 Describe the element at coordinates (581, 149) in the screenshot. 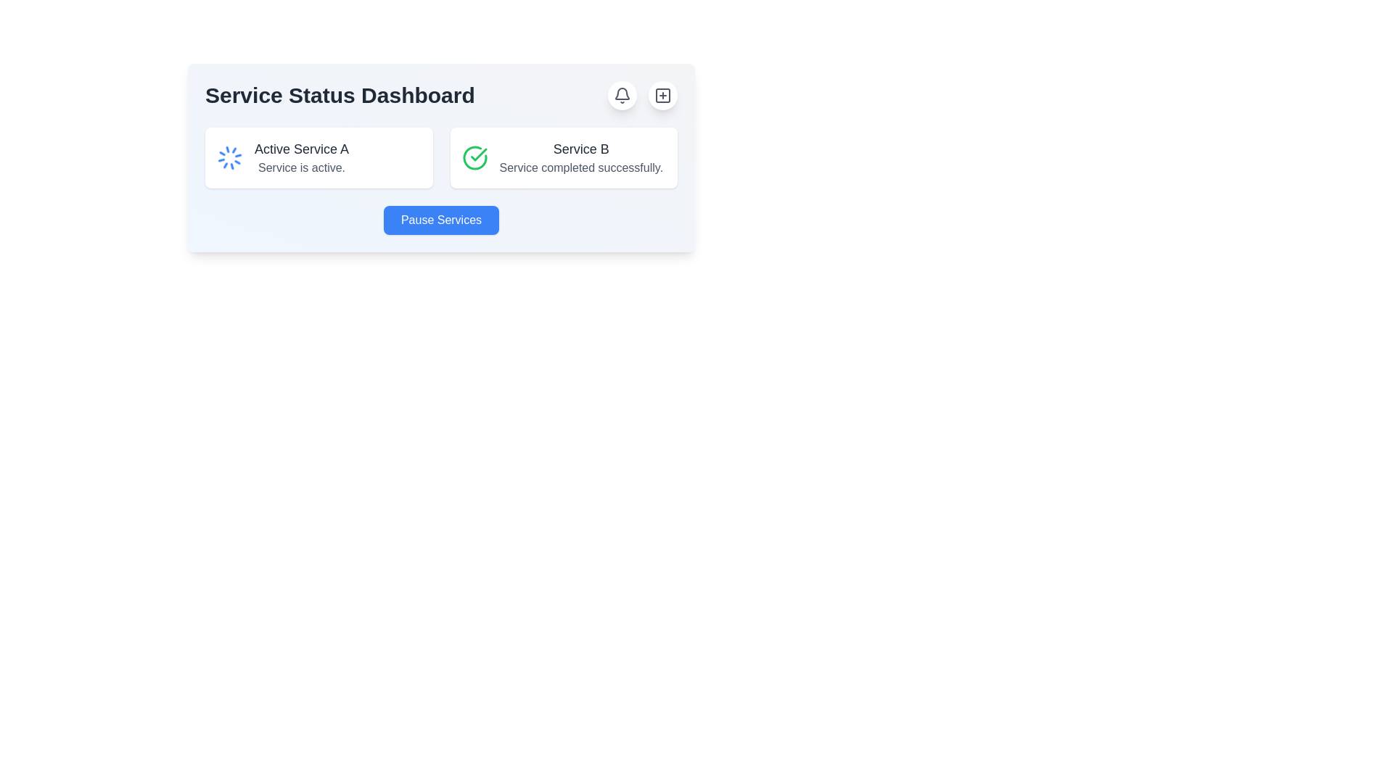

I see `the 'Service B' text label, which is the first line in the card containing a checkmark icon to its left and followed by a descriptive text` at that location.